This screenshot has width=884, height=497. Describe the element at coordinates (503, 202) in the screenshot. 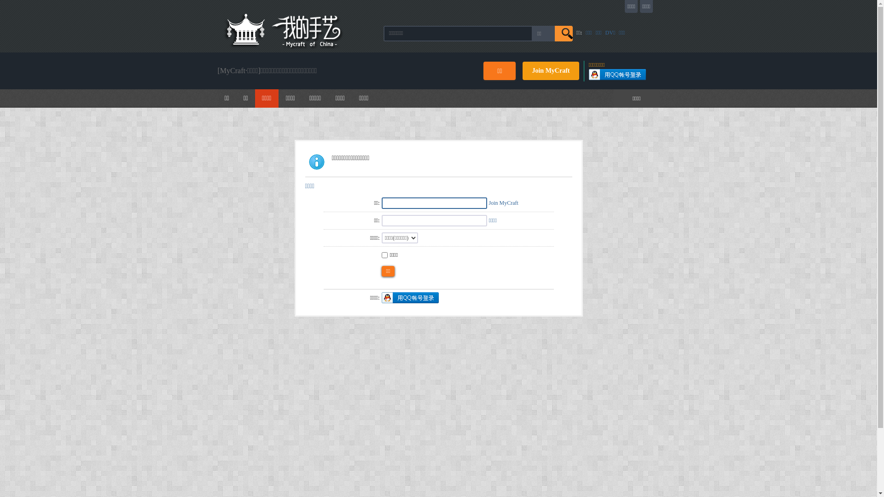

I see `'Join MyCraft'` at that location.